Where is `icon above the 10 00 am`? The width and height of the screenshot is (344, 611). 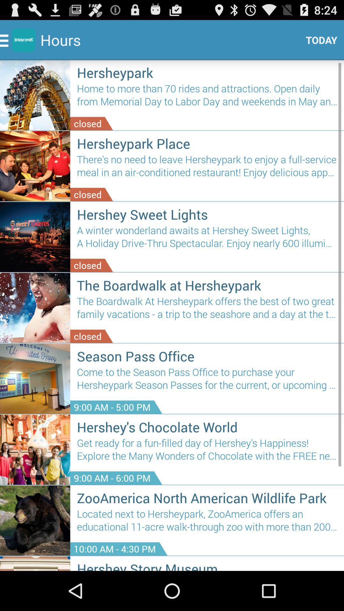
icon above the 10 00 am is located at coordinates (207, 523).